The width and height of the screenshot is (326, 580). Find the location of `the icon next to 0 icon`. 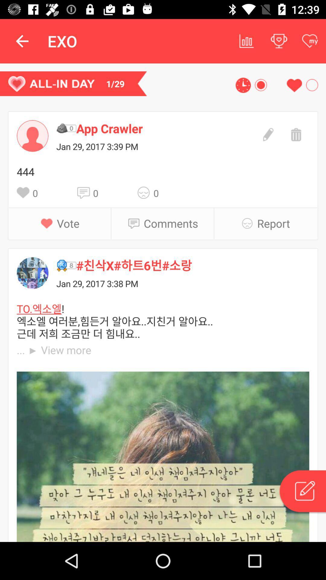

the icon next to 0 icon is located at coordinates (145, 192).